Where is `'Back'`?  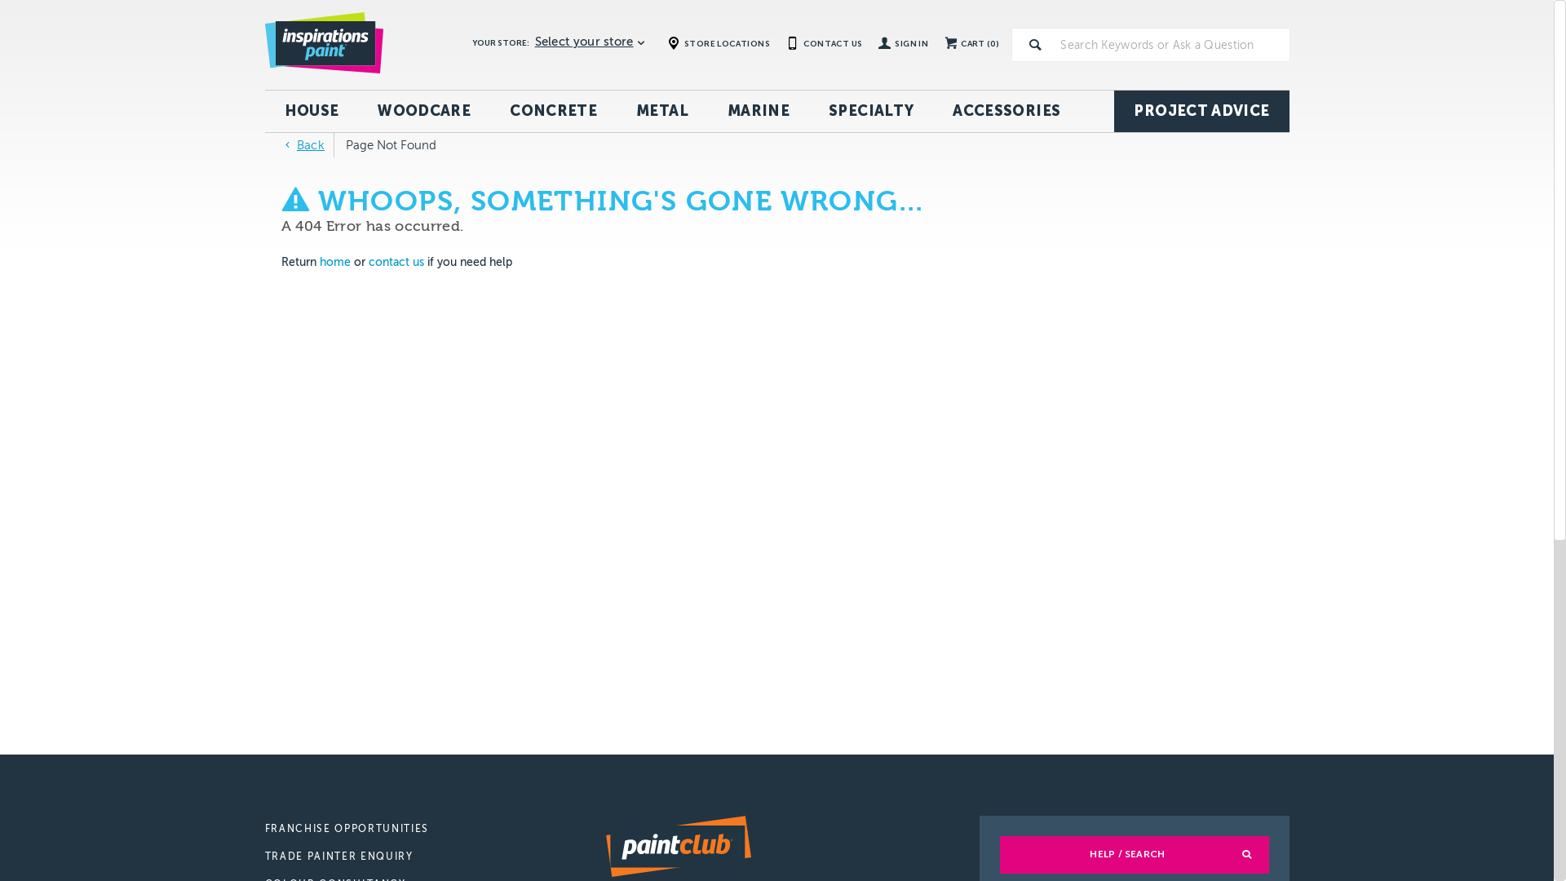
'Back' is located at coordinates (302, 144).